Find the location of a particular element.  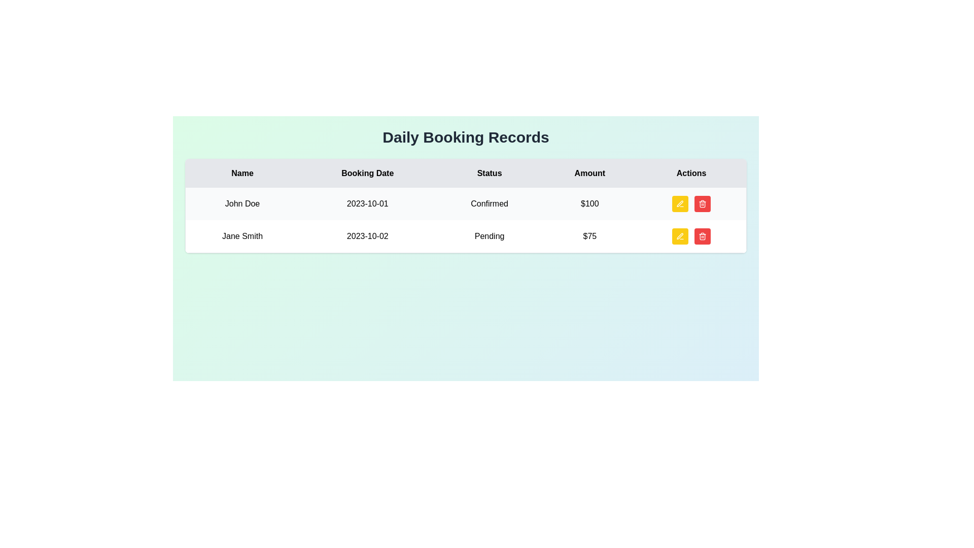

the text heading titled 'Daily Booking Records', which is prominently displayed at the top of its section with a bold style and large font size is located at coordinates (465, 137).